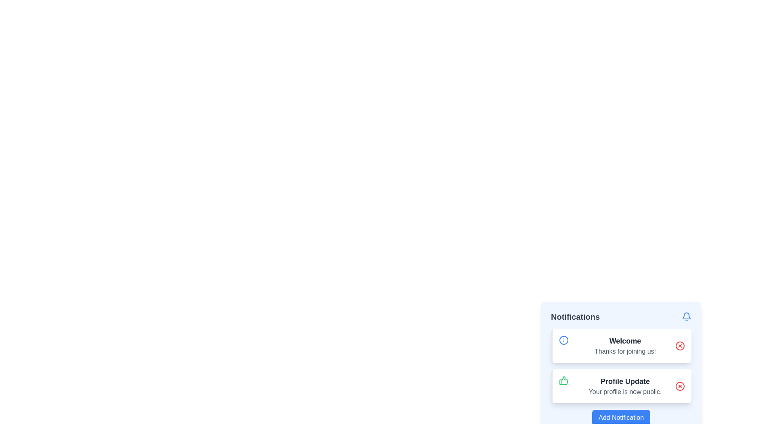 The image size is (775, 436). What do you see at coordinates (625, 345) in the screenshot?
I see `the text block displaying the welcoming message, which includes the lines 'Welcome' and 'Thanks for joining us!' within a white notification card` at bounding box center [625, 345].